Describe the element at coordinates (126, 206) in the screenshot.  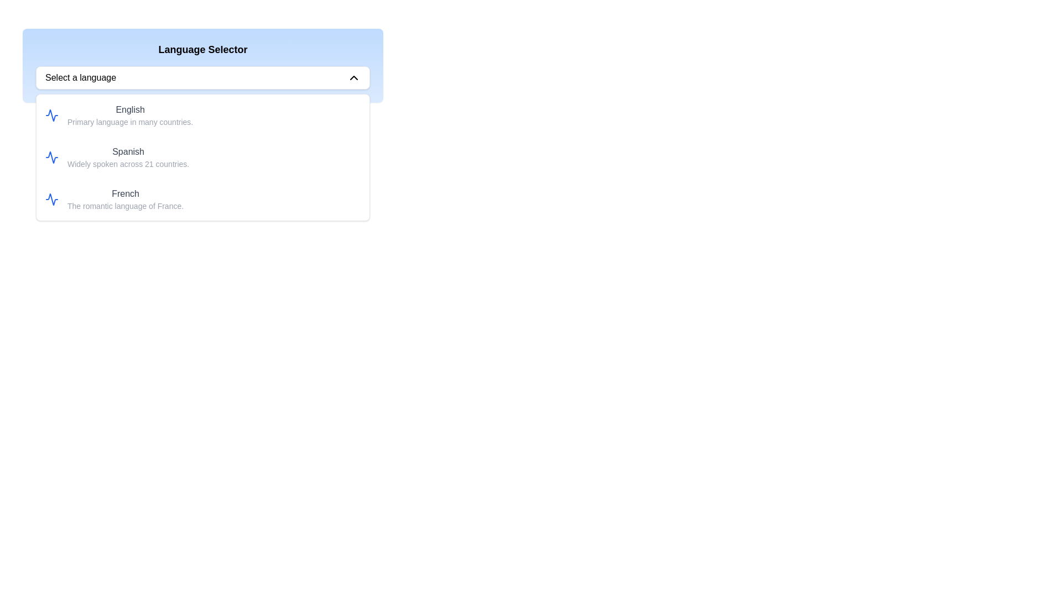
I see `text content of the label displaying 'The romantic language of France.' positioned below the 'French' text in the language dropdown` at that location.